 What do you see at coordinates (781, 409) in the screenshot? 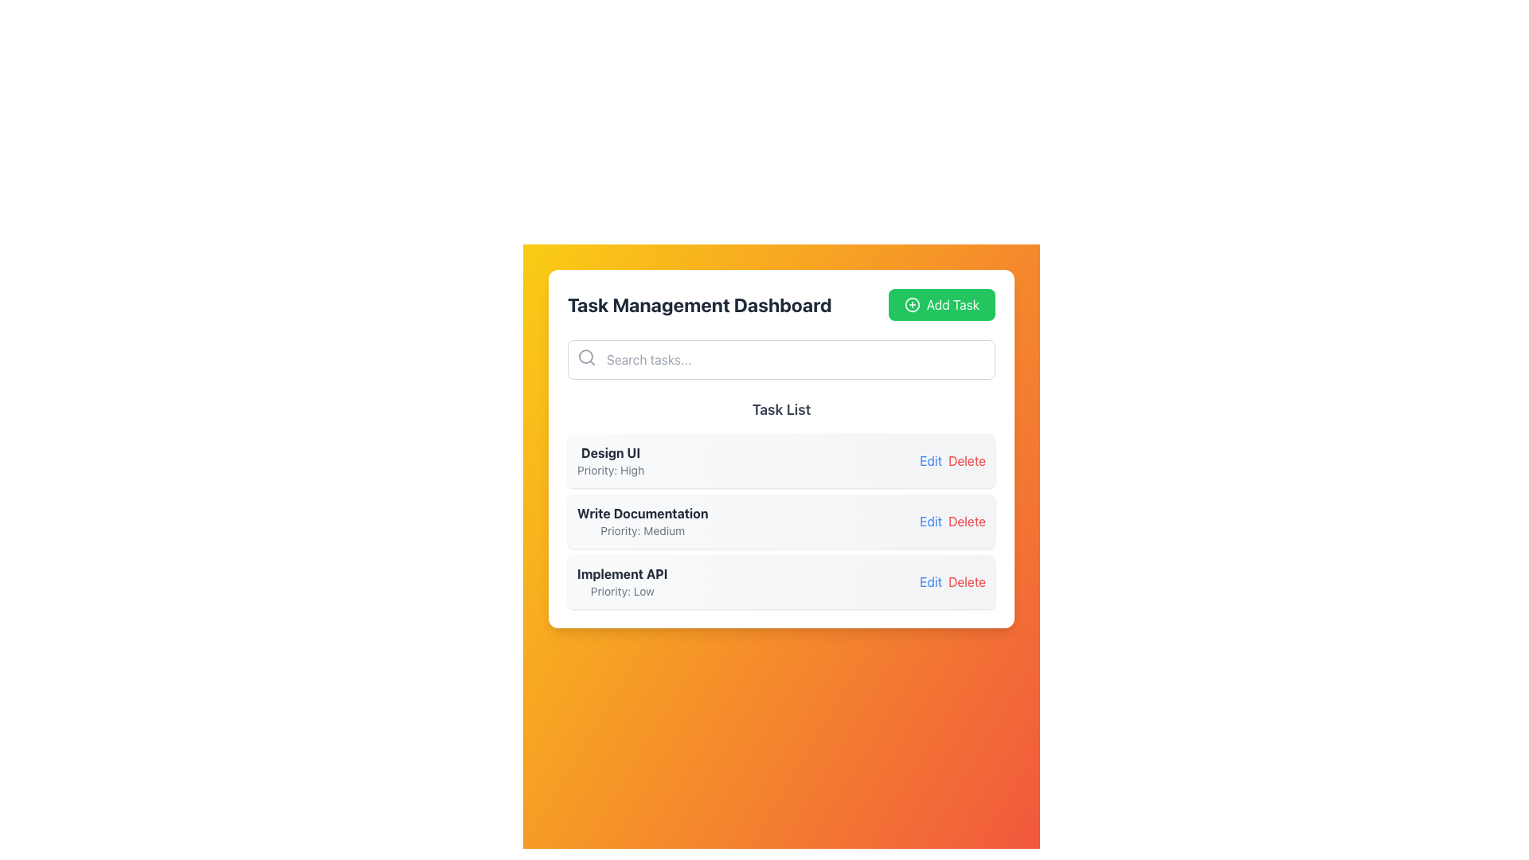
I see `the section header label that denotes the beginning of the task list, positioned below the search bar and above the task items` at bounding box center [781, 409].